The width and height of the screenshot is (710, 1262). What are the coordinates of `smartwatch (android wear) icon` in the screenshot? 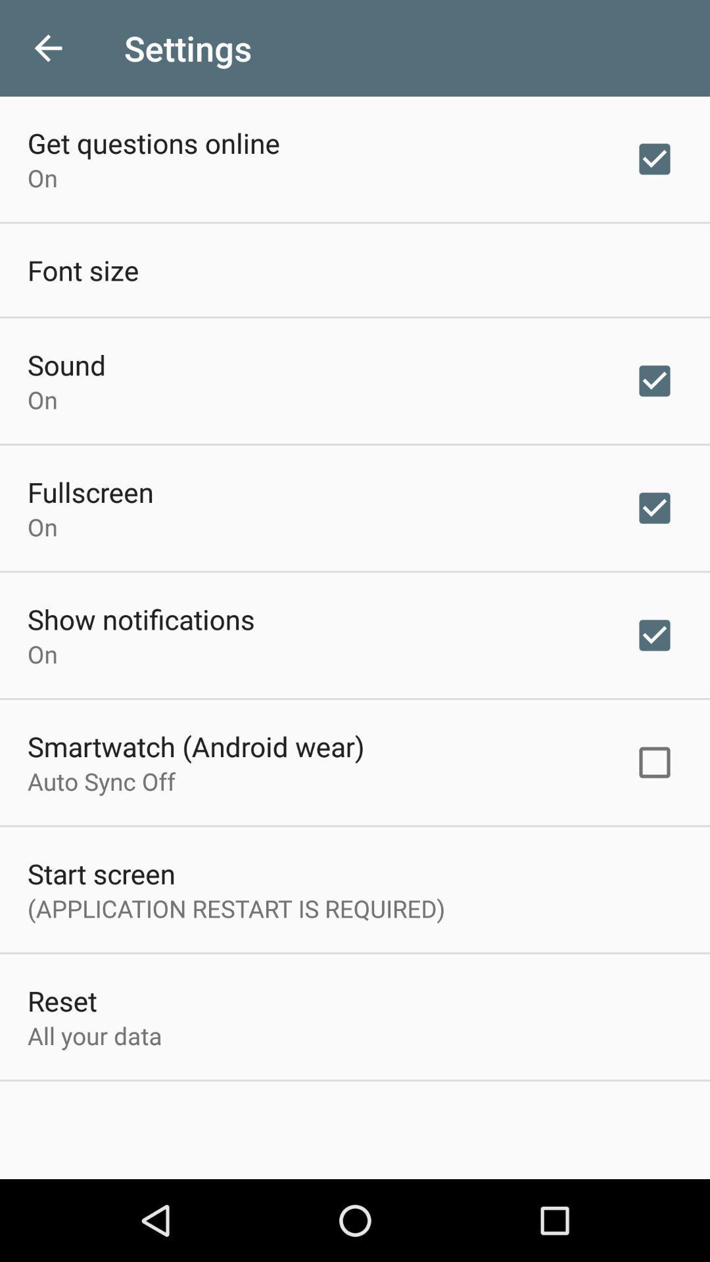 It's located at (196, 746).